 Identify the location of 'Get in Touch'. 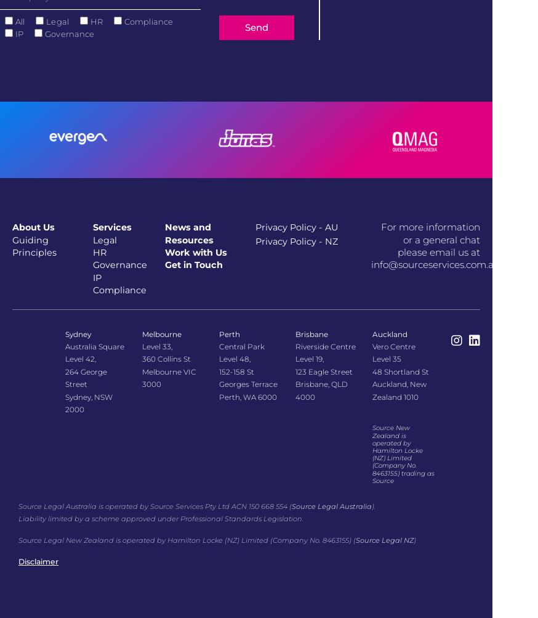
(193, 264).